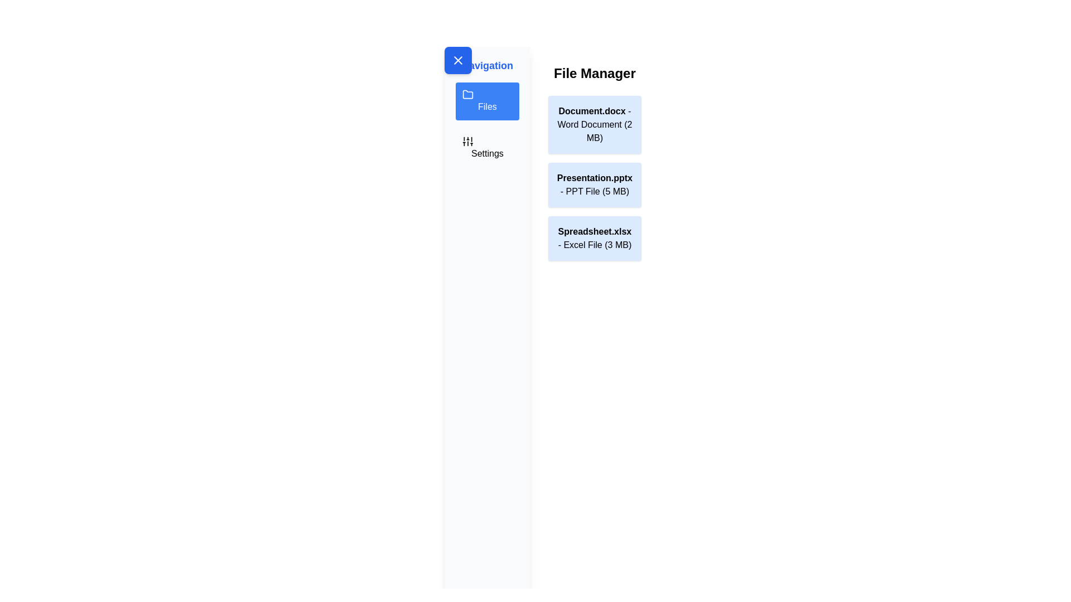  Describe the element at coordinates (468, 94) in the screenshot. I see `the 'Files' button by interacting with the folder icon centered within it` at that location.